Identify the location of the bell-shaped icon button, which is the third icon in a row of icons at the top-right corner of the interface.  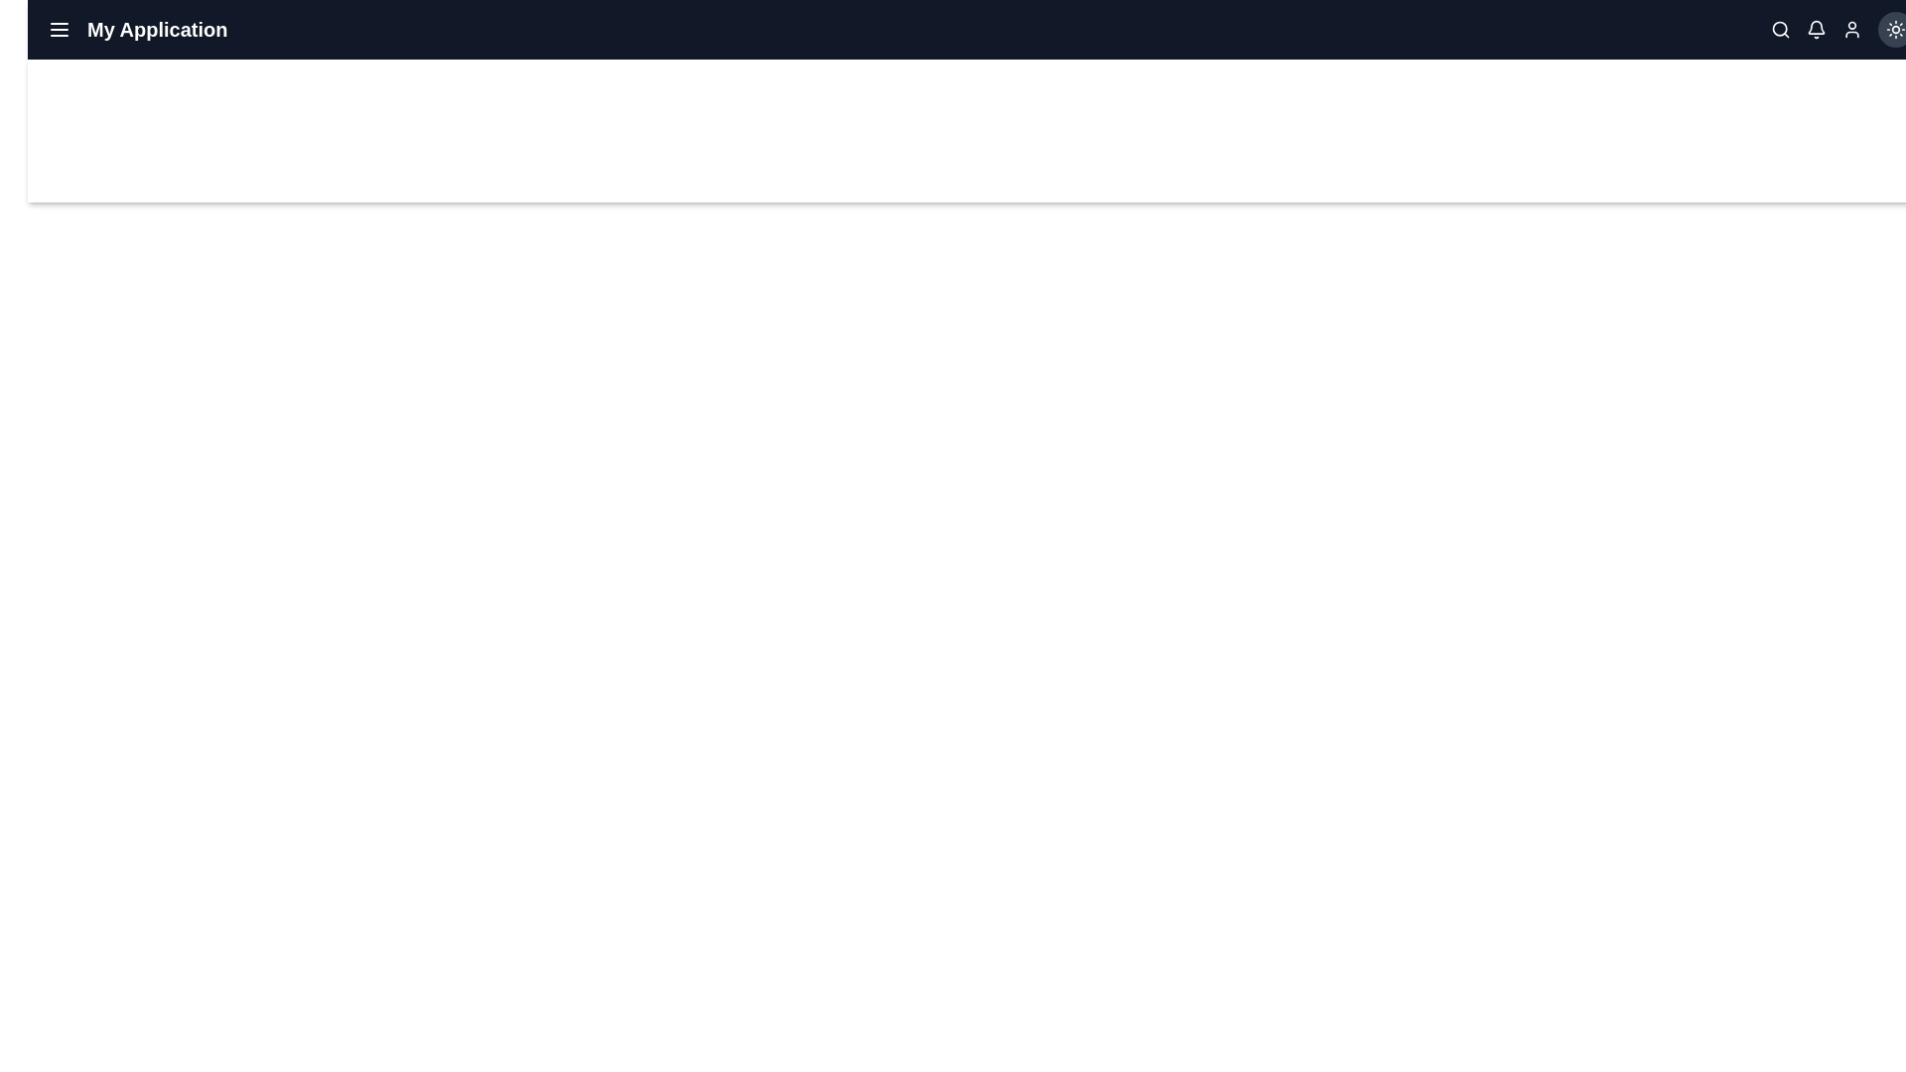
(1816, 30).